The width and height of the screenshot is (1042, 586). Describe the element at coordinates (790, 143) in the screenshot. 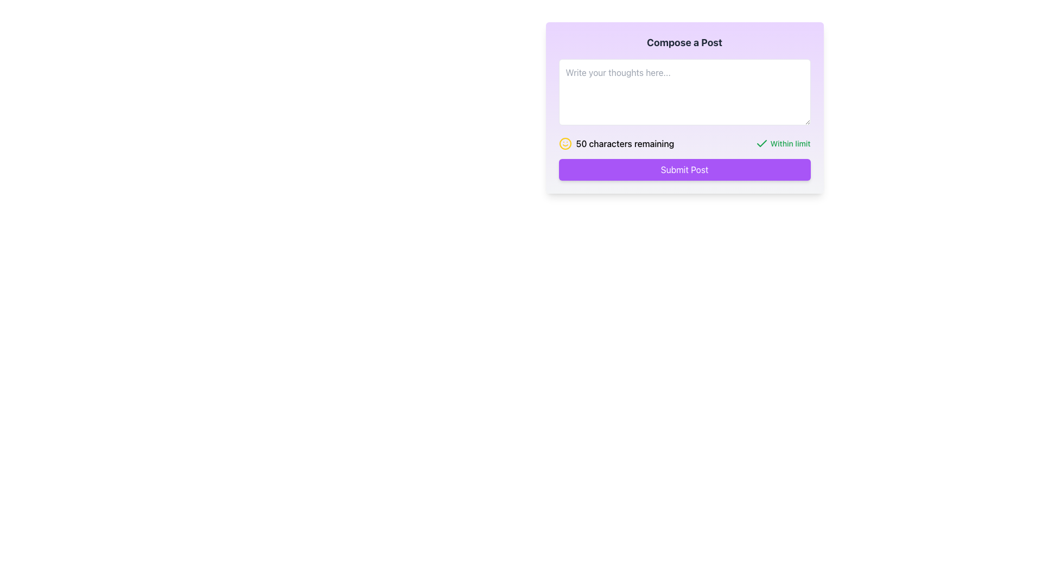

I see `text 'Within limit' displayed in green color, which indicates the current status of the system, located near the bottom right corner of the post composition area` at that location.